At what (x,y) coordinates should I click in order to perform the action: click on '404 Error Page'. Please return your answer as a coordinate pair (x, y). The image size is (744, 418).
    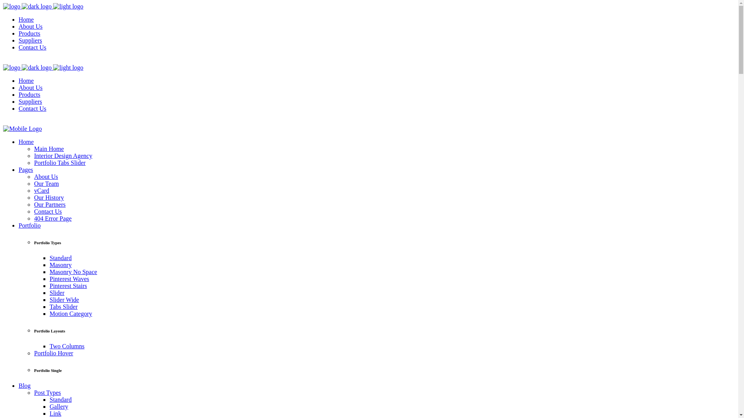
    Looking at the image, I should click on (52, 218).